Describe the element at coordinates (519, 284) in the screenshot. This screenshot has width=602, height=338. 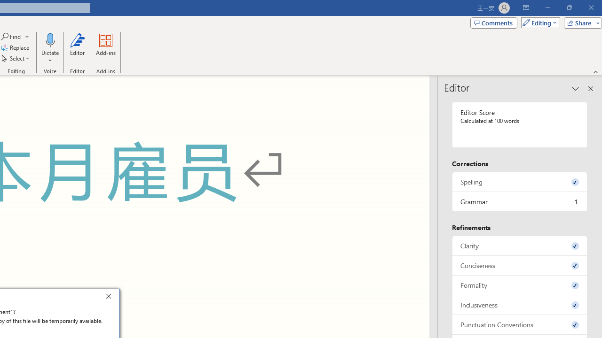
I see `'Formality, 0 issues. Press space or enter to review items.'` at that location.